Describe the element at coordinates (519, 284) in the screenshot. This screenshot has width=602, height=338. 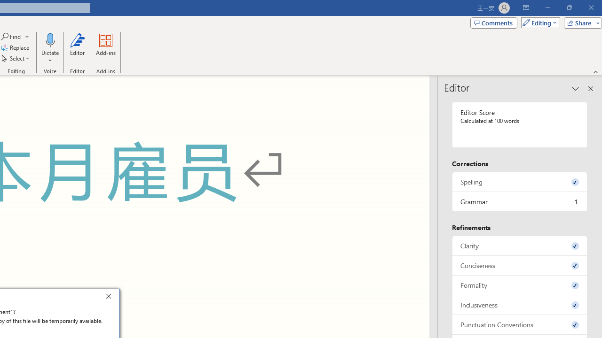
I see `'Formality, 0 issues. Press space or enter to review items.'` at that location.